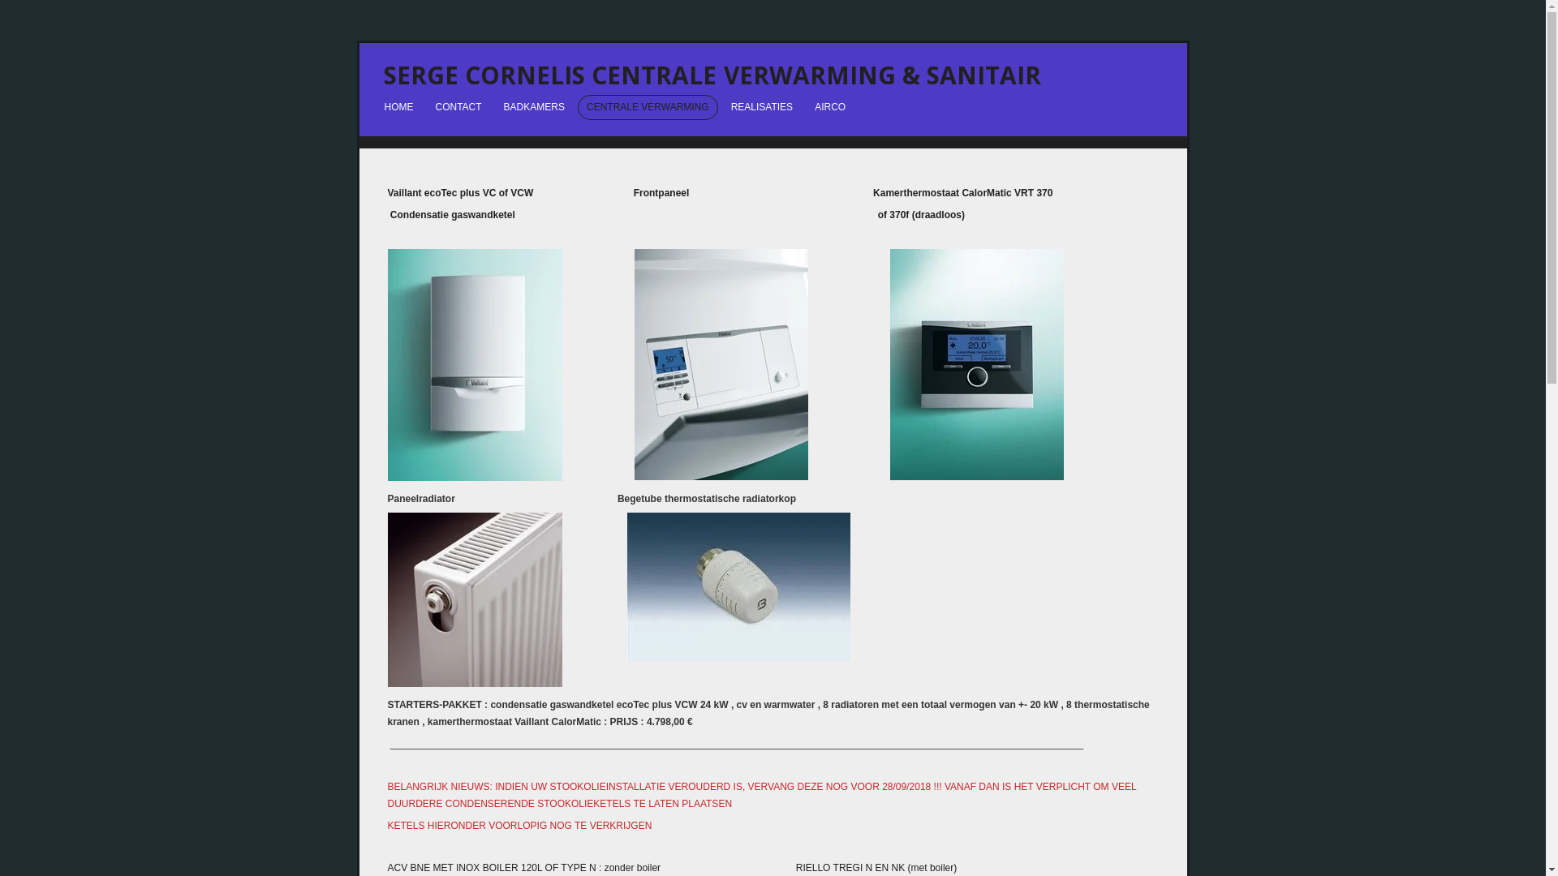  Describe the element at coordinates (534, 107) in the screenshot. I see `'BADKAMERS'` at that location.